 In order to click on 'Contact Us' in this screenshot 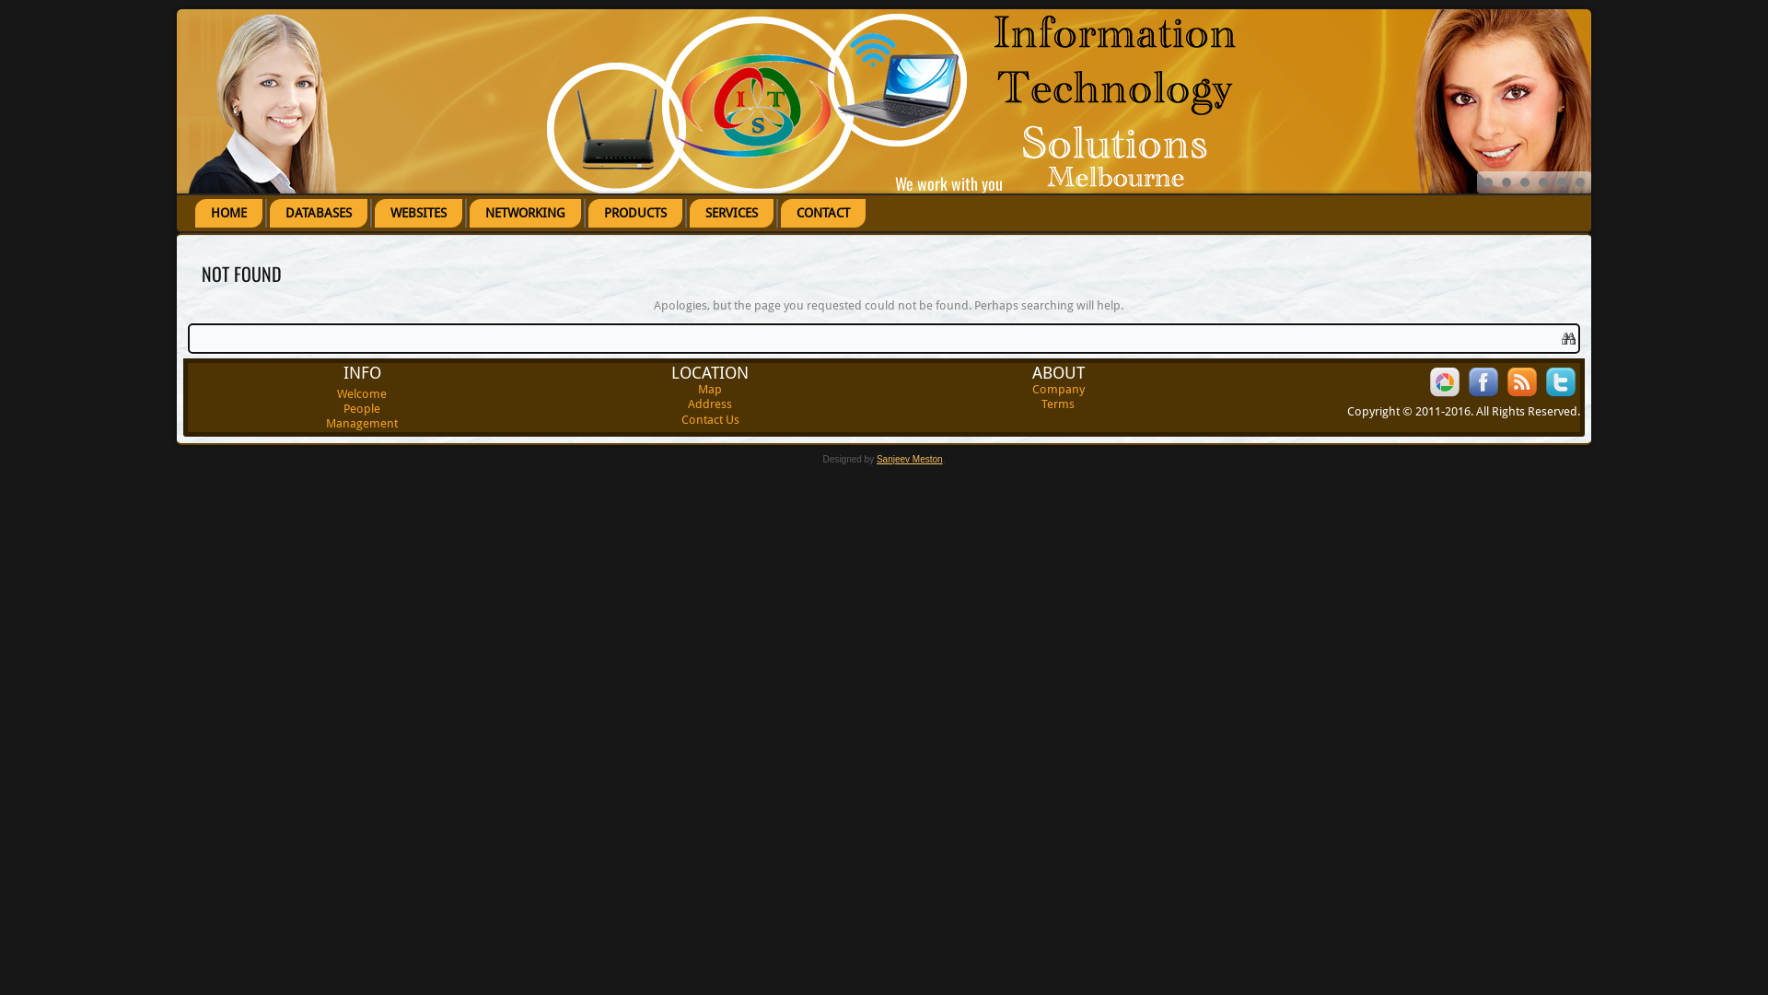, I will do `click(680, 419)`.